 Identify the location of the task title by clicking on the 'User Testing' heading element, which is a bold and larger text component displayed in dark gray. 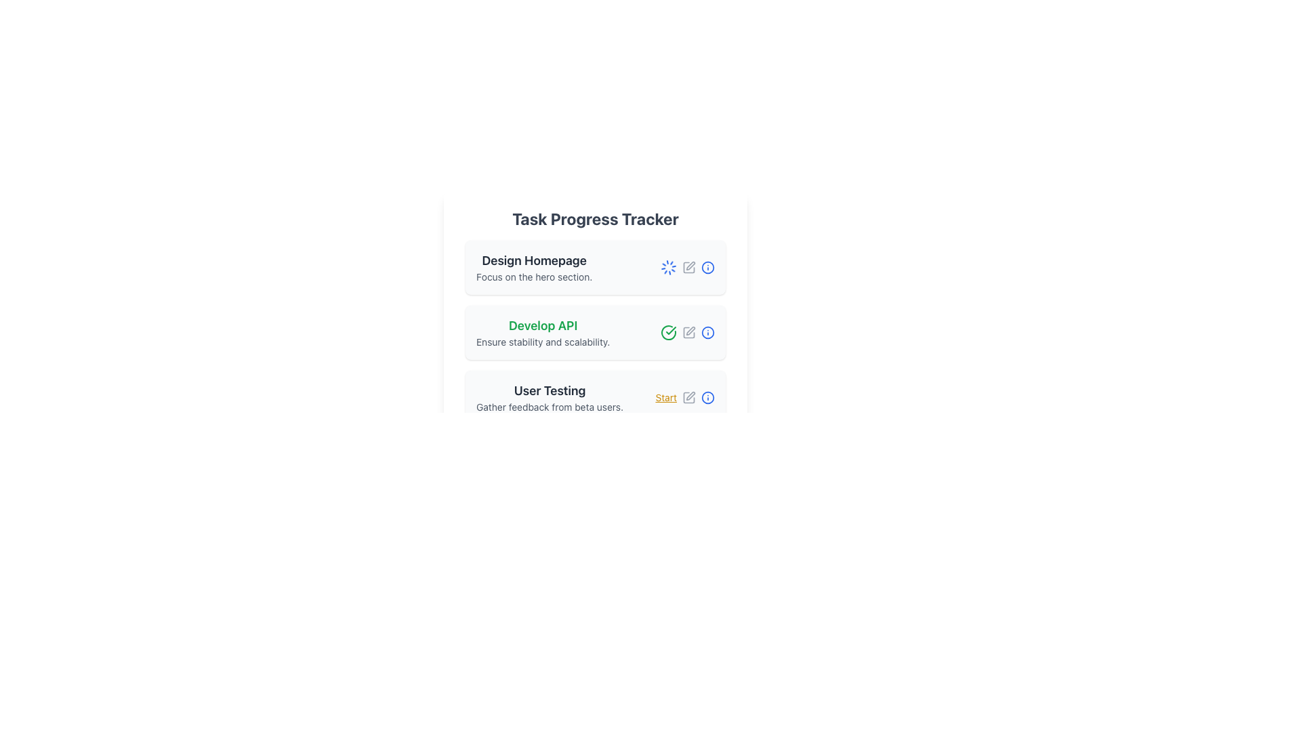
(550, 391).